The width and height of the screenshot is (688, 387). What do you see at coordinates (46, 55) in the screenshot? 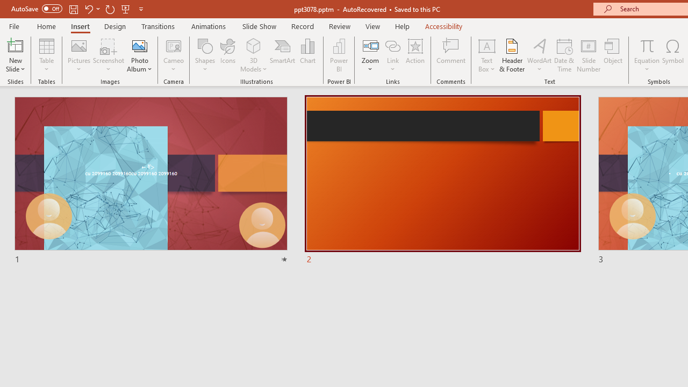
I see `'Table'` at bounding box center [46, 55].